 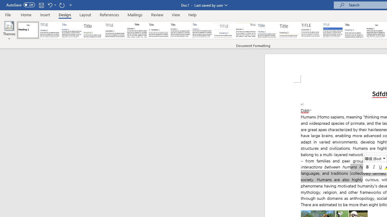 What do you see at coordinates (355, 30) in the screenshot?
I see `'Word'` at bounding box center [355, 30].